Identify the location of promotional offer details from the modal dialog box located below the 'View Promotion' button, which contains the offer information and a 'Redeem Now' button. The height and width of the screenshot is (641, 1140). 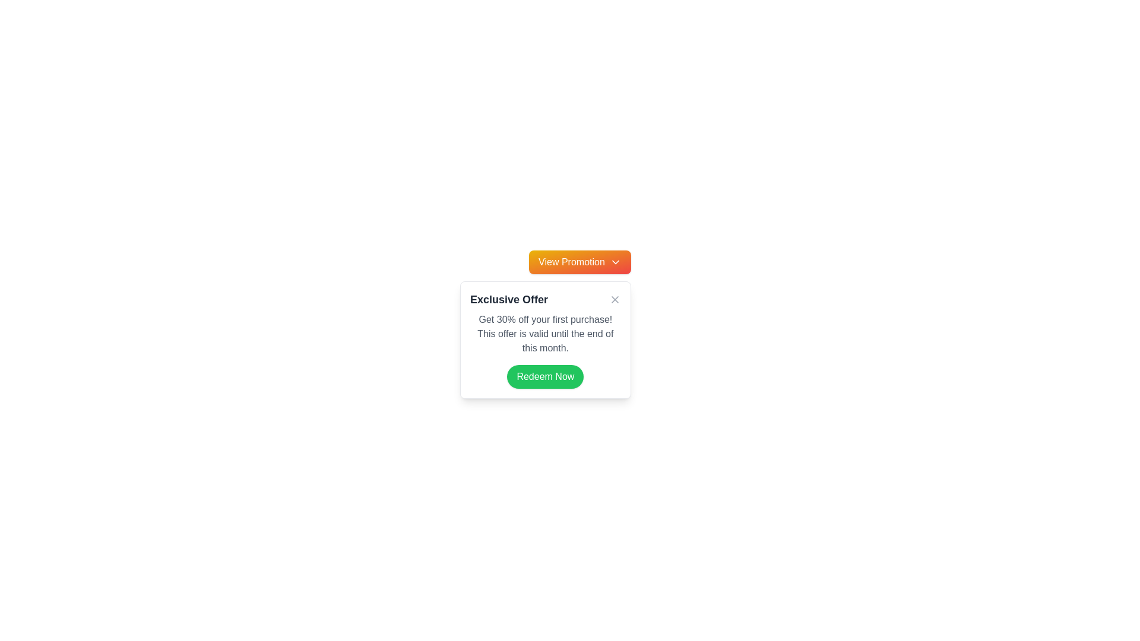
(544, 340).